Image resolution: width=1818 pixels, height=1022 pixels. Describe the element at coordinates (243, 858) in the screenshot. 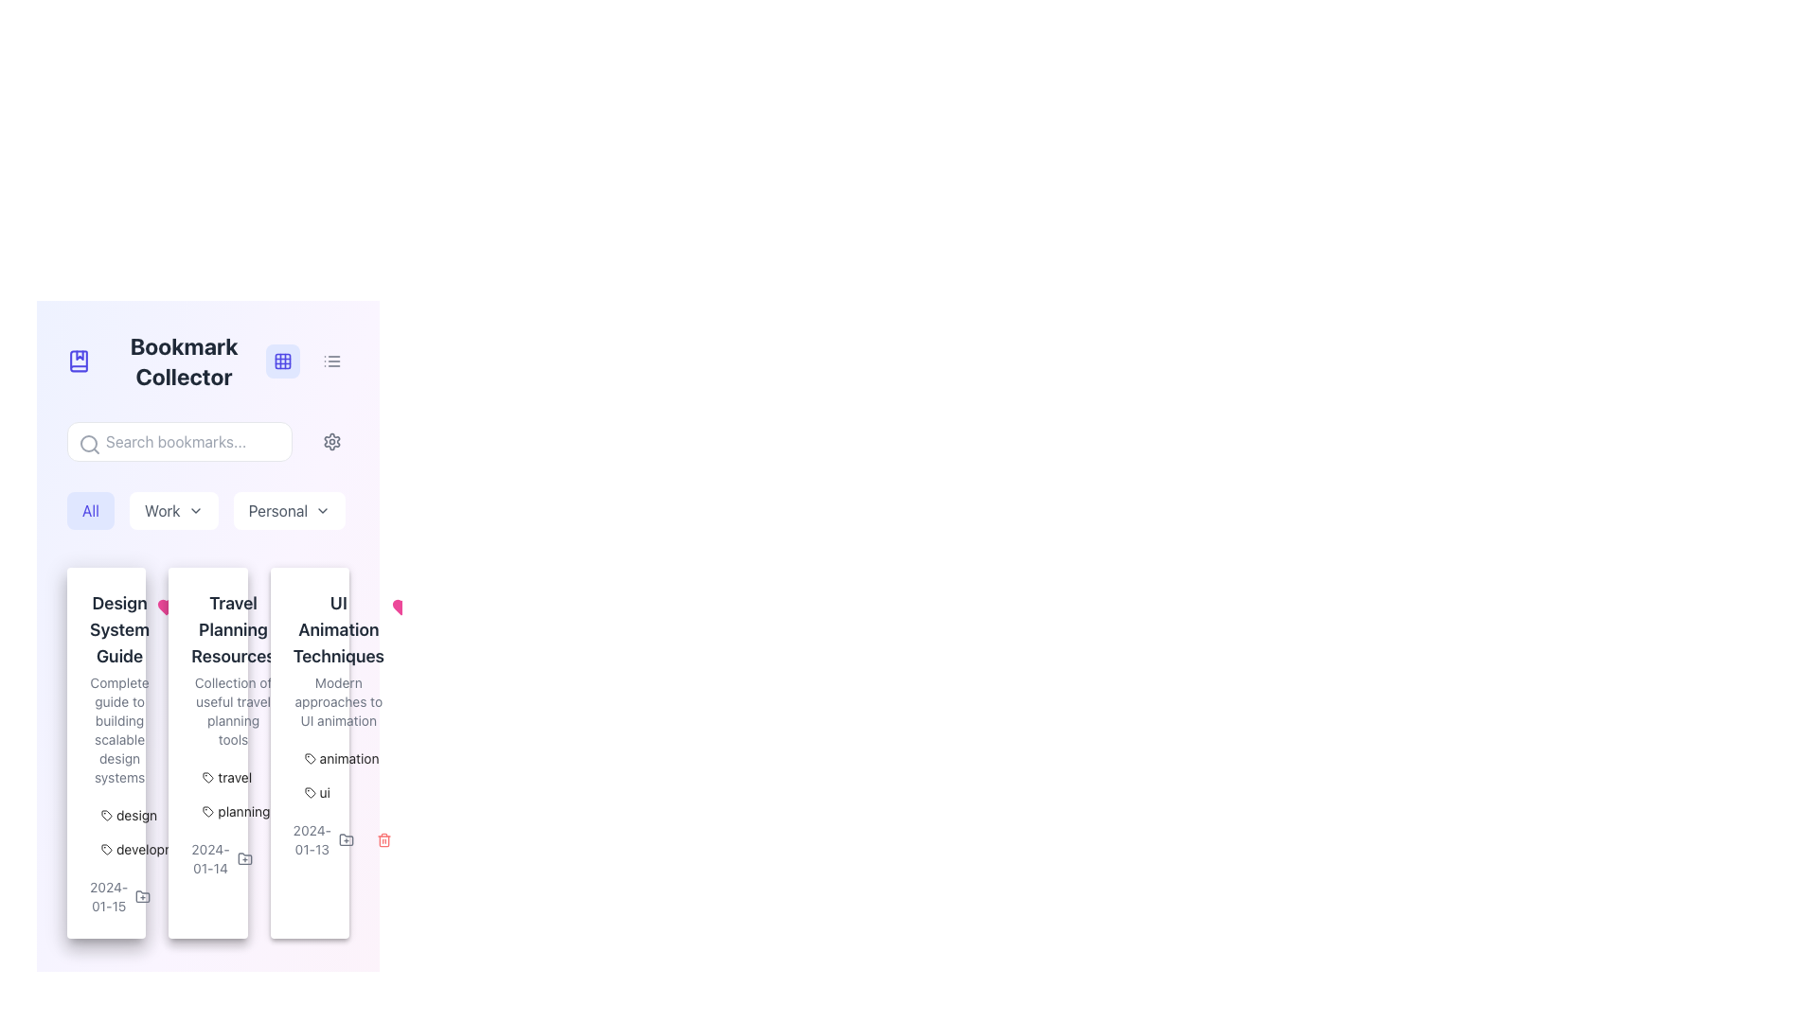

I see `the folder icon located at the center of the icon set under the 'Travel Planning Resources' card` at that location.